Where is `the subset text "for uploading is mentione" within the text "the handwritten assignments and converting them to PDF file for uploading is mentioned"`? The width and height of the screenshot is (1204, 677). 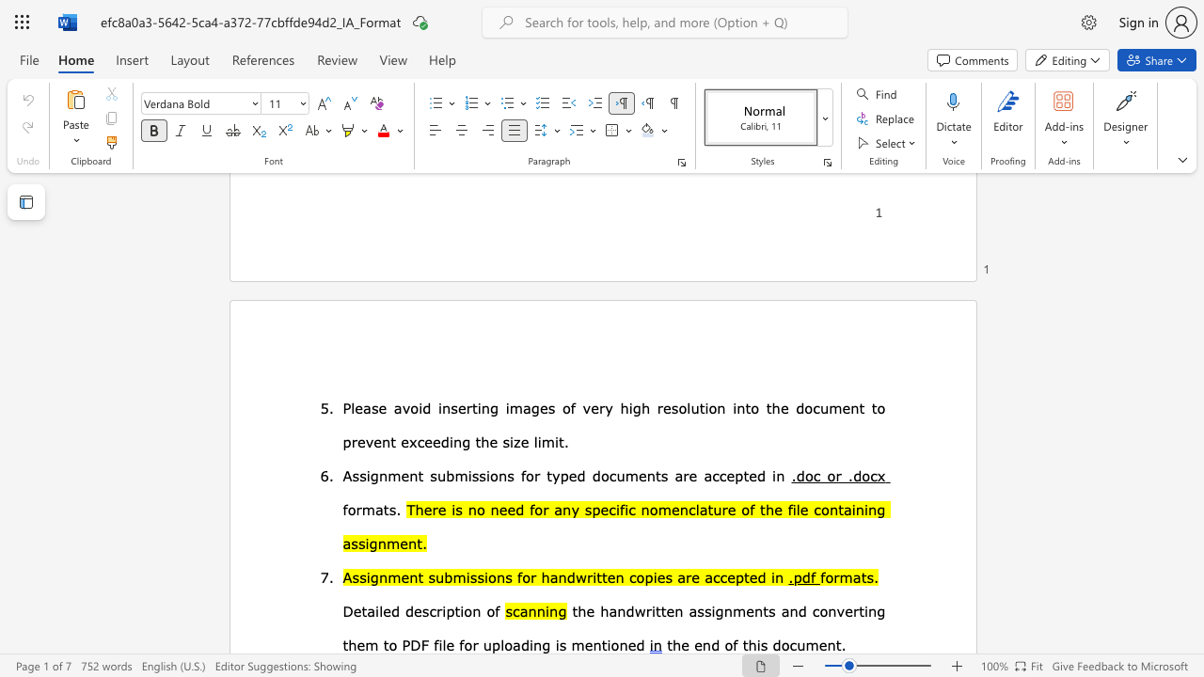
the subset text "for uploading is mentione" within the text "the handwritten assignments and converting them to PDF file for uploading is mentioned" is located at coordinates (459, 644).